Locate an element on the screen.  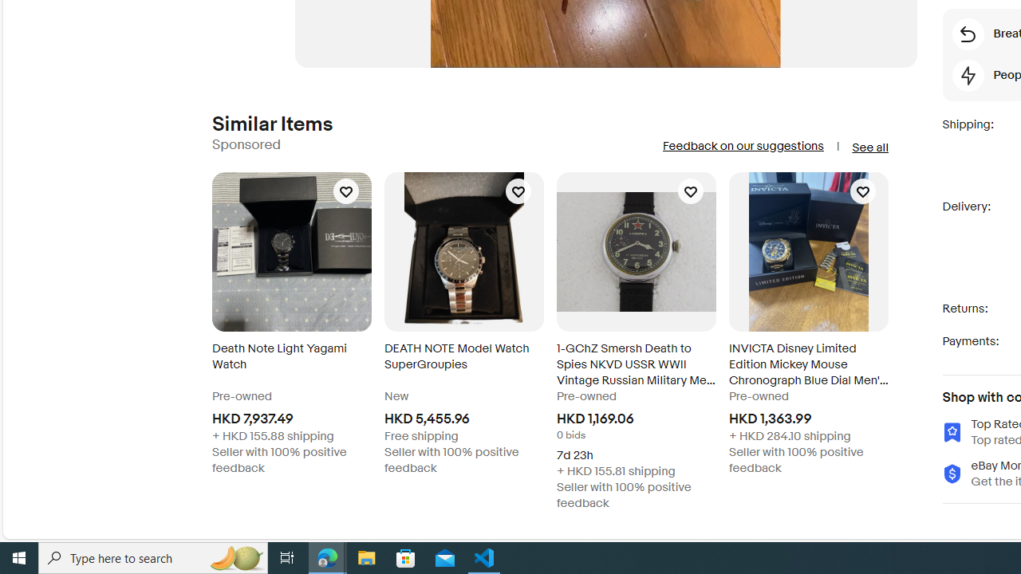
'Add Death Note Light Yagami Watch to your watch list' is located at coordinates (345, 191).